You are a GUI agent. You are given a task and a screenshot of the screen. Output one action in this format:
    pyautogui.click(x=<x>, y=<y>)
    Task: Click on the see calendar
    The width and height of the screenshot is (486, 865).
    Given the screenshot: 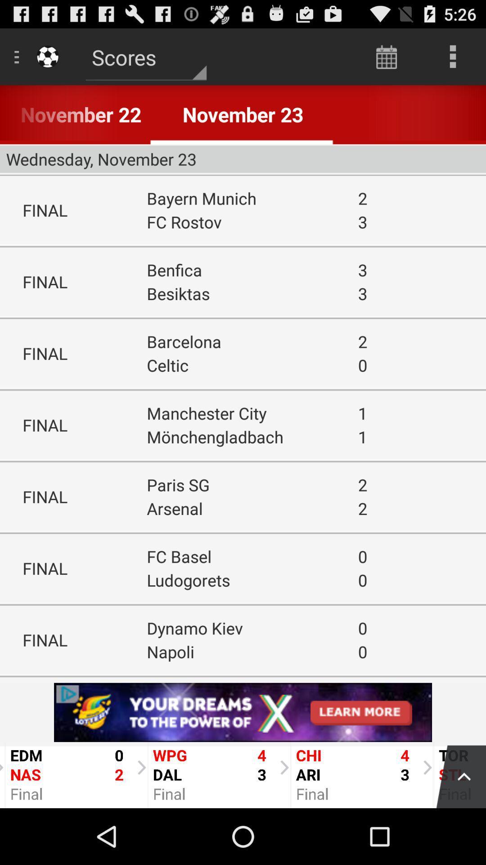 What is the action you would take?
    pyautogui.click(x=386, y=56)
    